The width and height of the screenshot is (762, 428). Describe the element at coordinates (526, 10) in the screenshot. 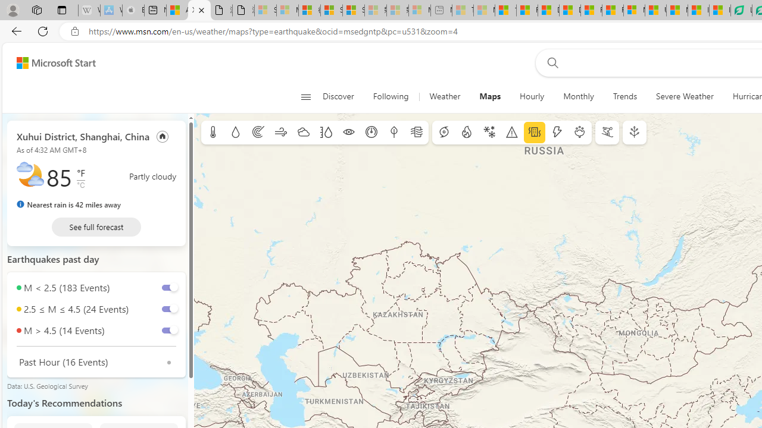

I see `'Food and Drink - MSN'` at that location.